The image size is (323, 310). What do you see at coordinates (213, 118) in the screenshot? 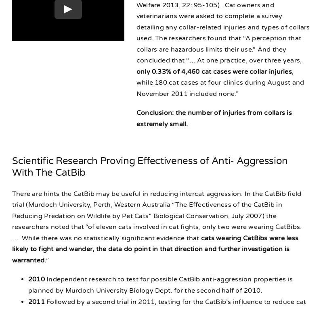
I see `'Conclusion: the number of injuries from collars is extremely small.'` at bounding box center [213, 118].